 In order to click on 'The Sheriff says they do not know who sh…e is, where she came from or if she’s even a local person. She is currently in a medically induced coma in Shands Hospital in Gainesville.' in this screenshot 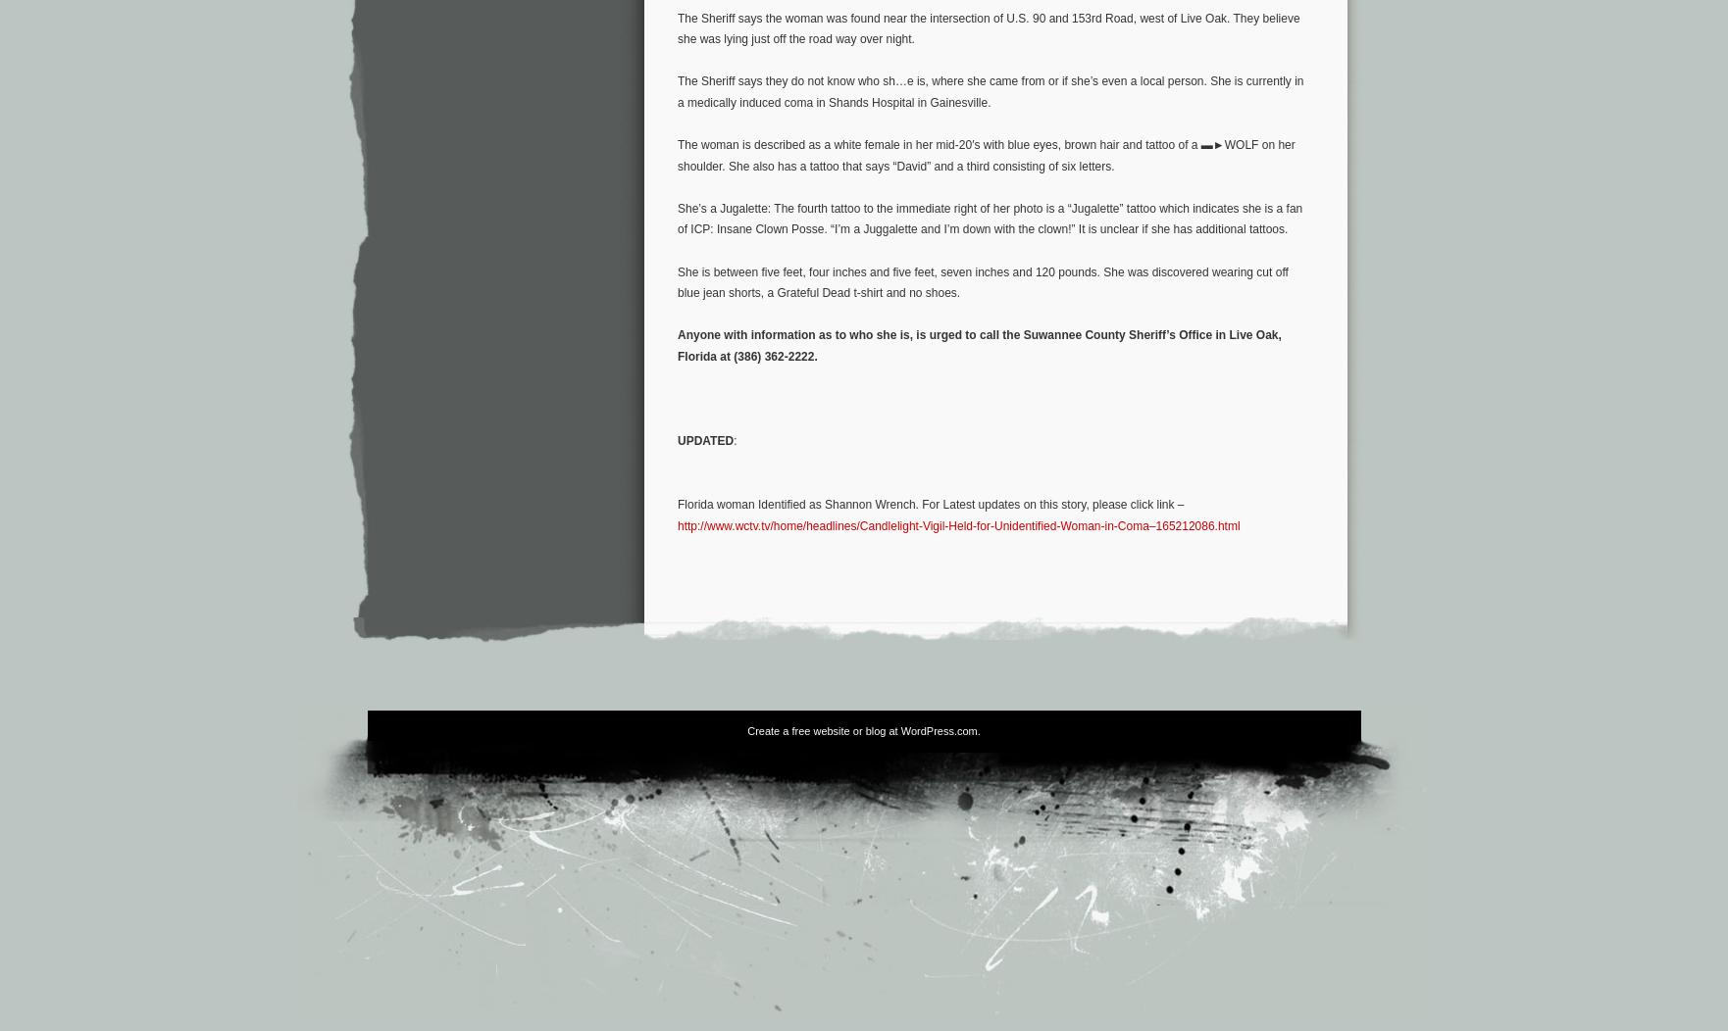, I will do `click(990, 91)`.